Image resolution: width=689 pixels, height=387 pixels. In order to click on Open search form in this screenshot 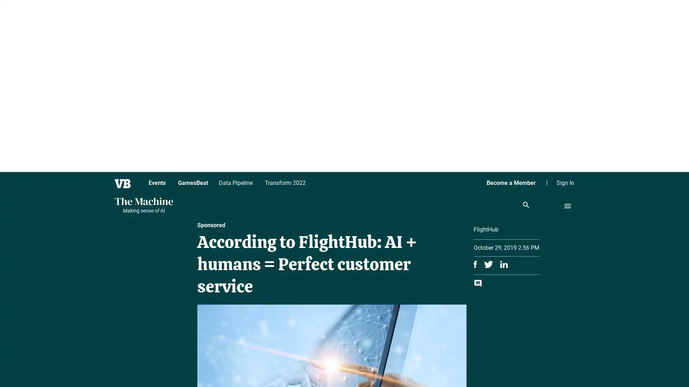, I will do `click(526, 205)`.